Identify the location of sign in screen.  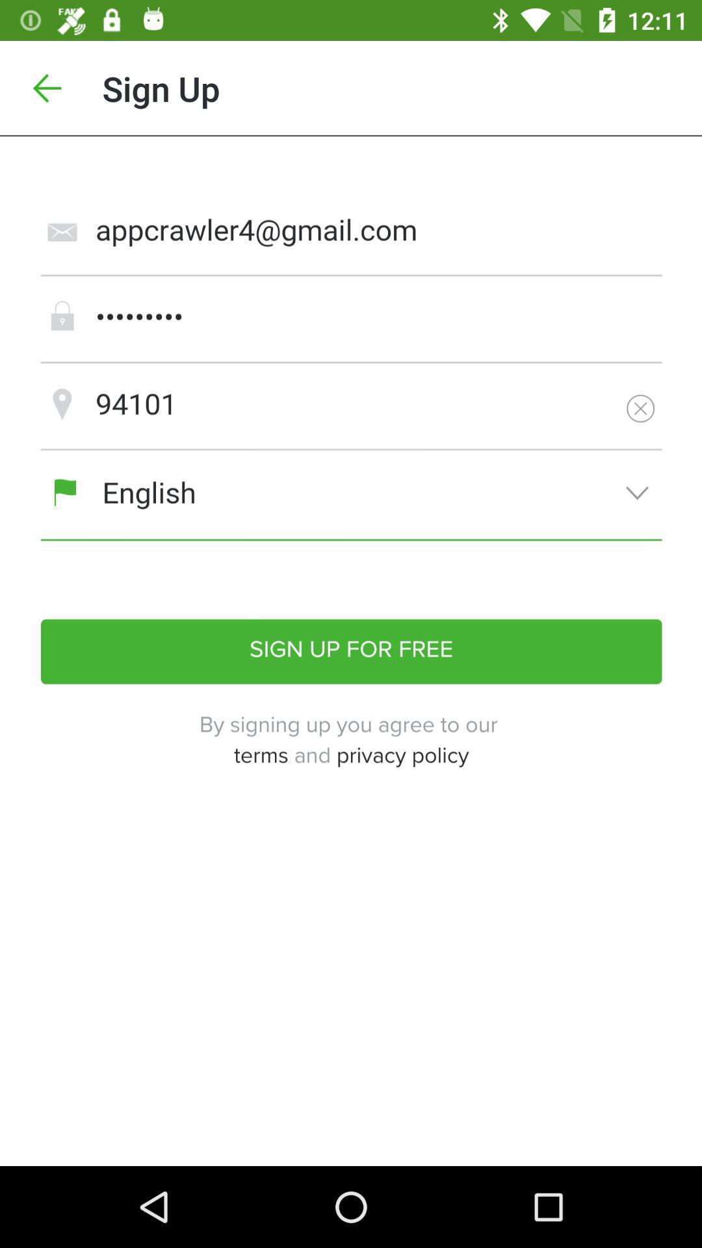
(351, 651).